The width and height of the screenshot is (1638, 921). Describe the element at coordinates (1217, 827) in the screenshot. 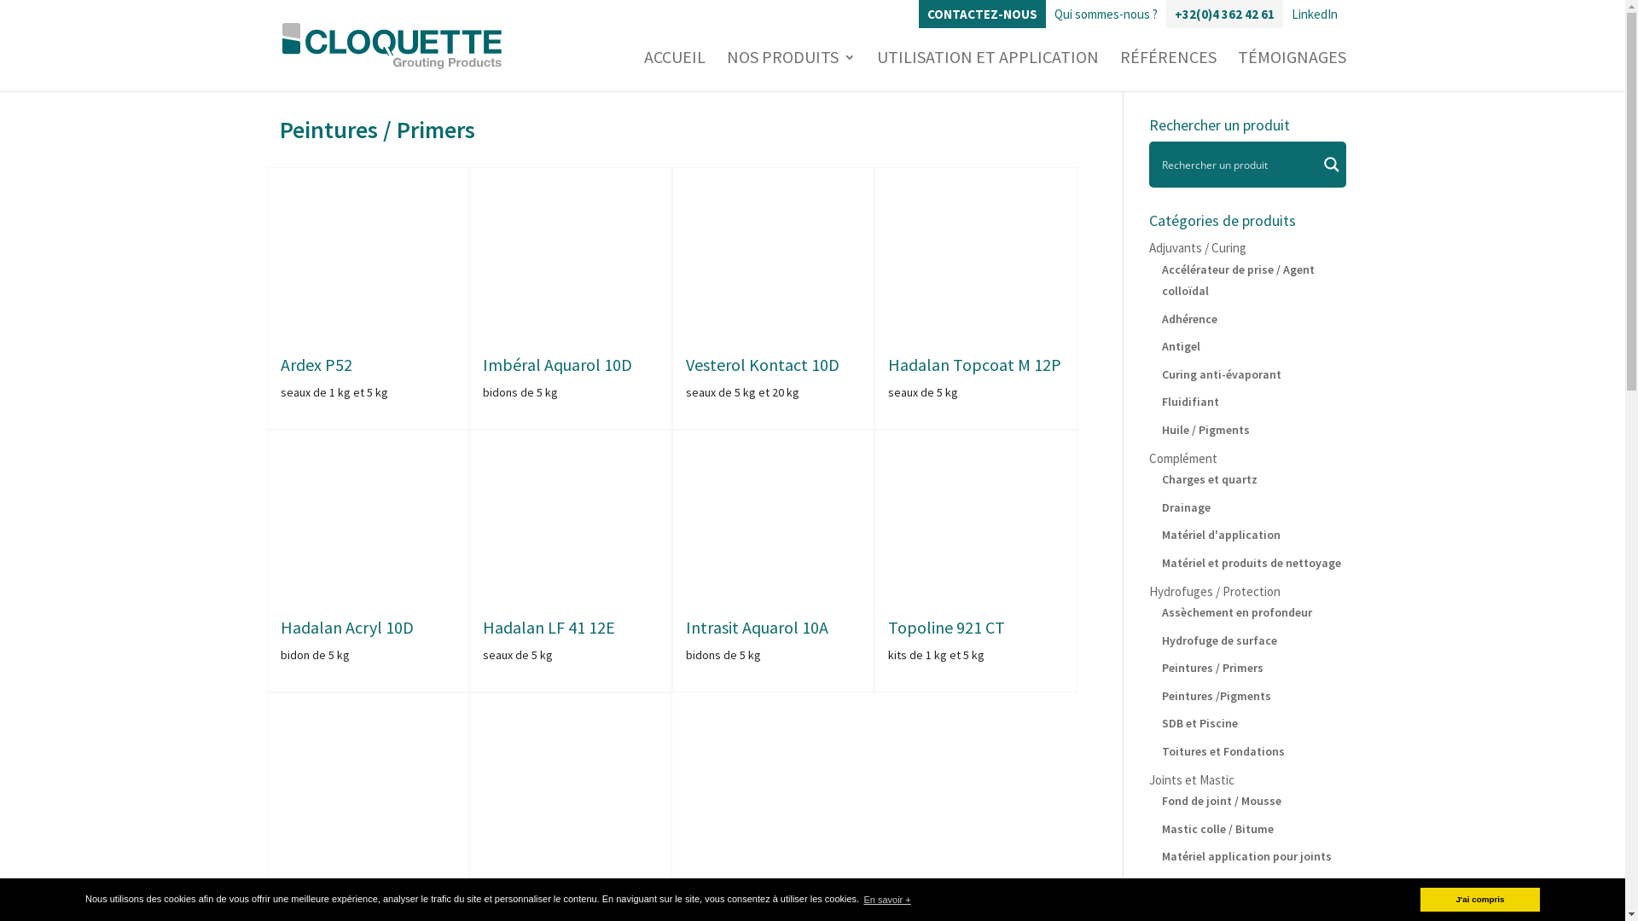

I see `'Mastic colle / Bitume'` at that location.